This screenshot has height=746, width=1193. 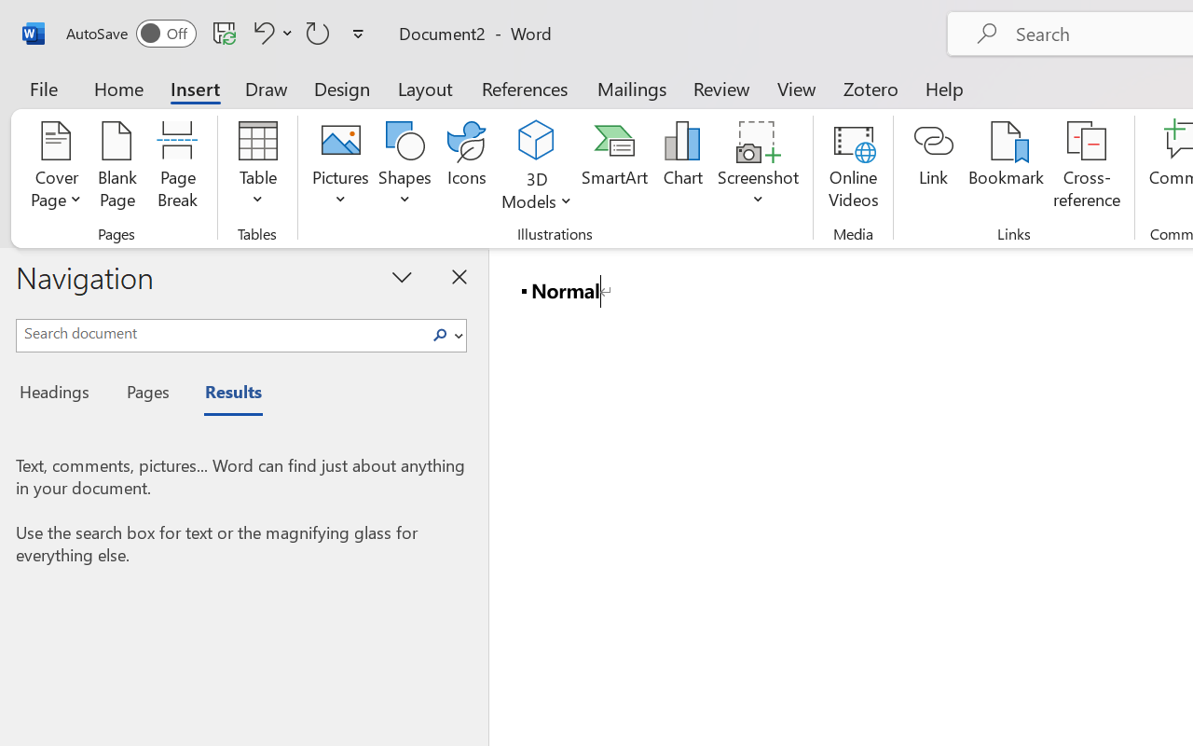 I want to click on 'Undo <ApplyStyleToDoc>b__0', so click(x=260, y=32).